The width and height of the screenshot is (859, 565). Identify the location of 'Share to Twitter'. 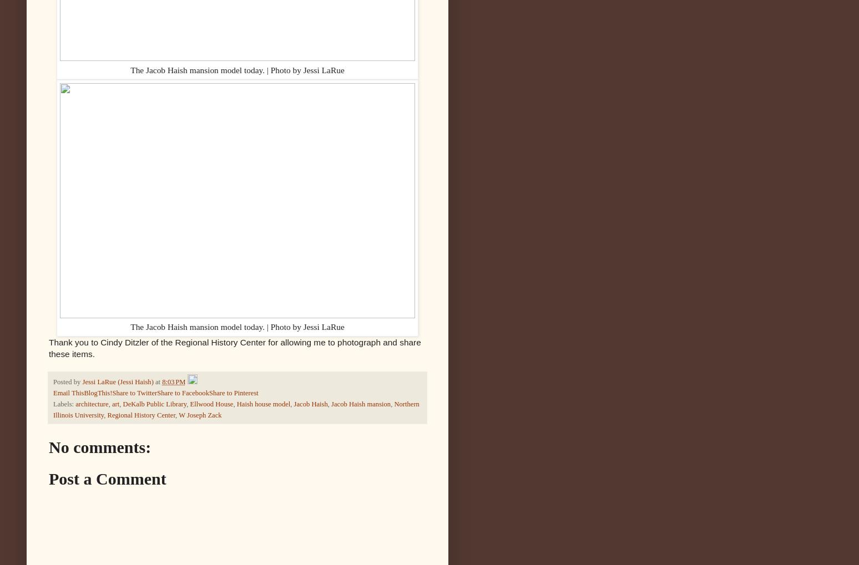
(112, 393).